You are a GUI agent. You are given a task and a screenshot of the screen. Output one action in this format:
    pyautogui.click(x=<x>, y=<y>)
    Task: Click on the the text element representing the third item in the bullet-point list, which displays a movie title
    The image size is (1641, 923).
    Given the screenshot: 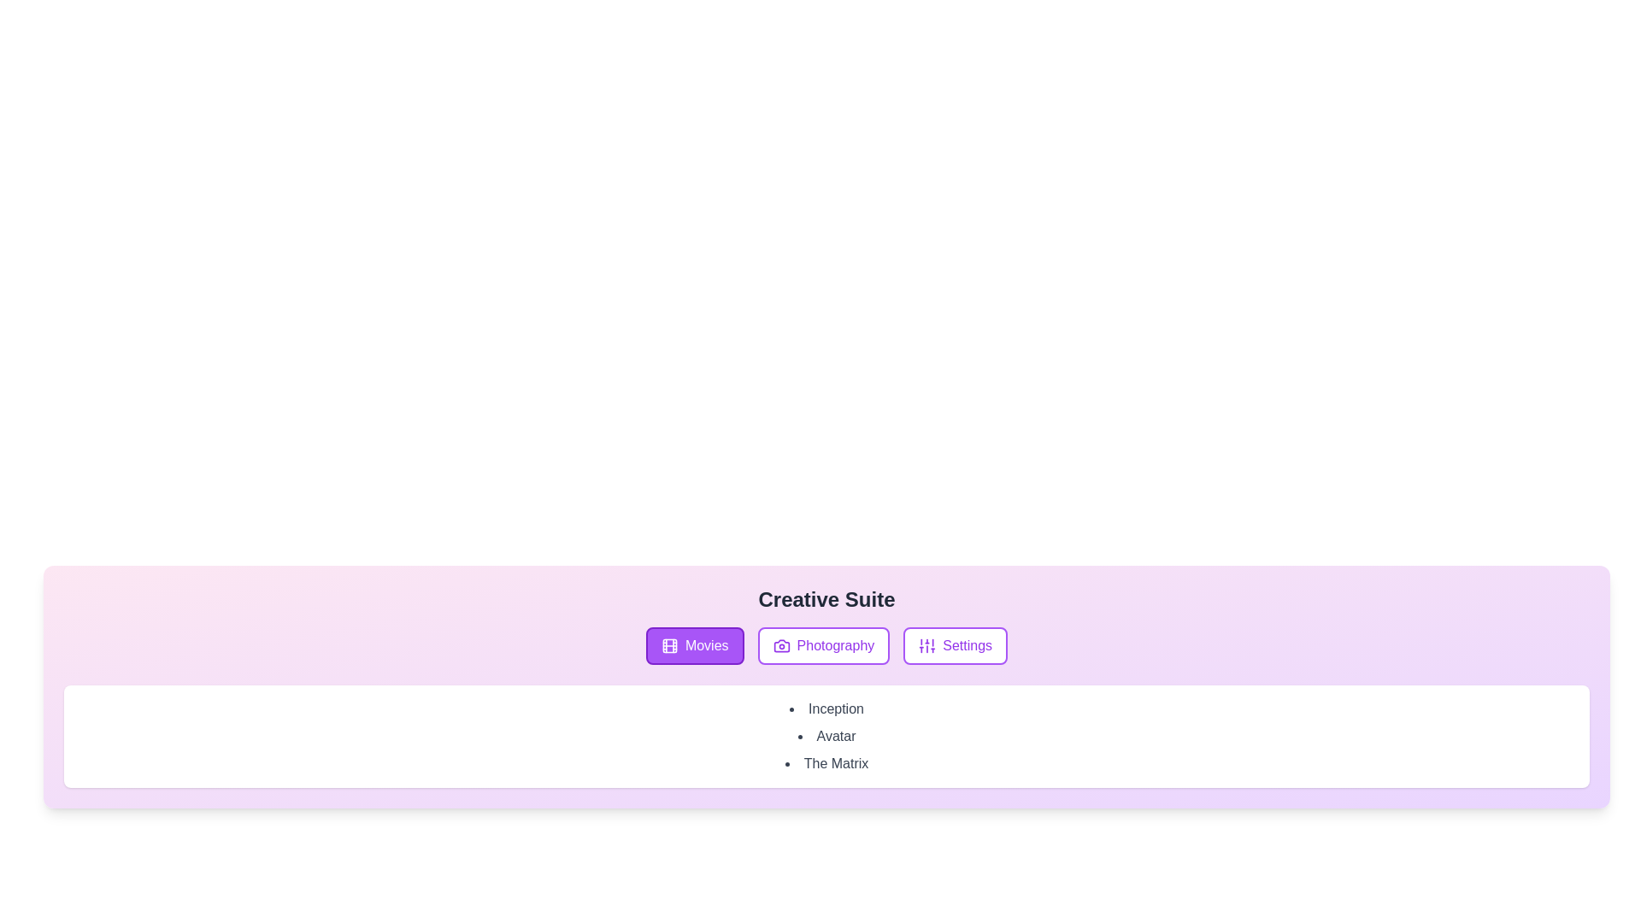 What is the action you would take?
    pyautogui.click(x=826, y=763)
    